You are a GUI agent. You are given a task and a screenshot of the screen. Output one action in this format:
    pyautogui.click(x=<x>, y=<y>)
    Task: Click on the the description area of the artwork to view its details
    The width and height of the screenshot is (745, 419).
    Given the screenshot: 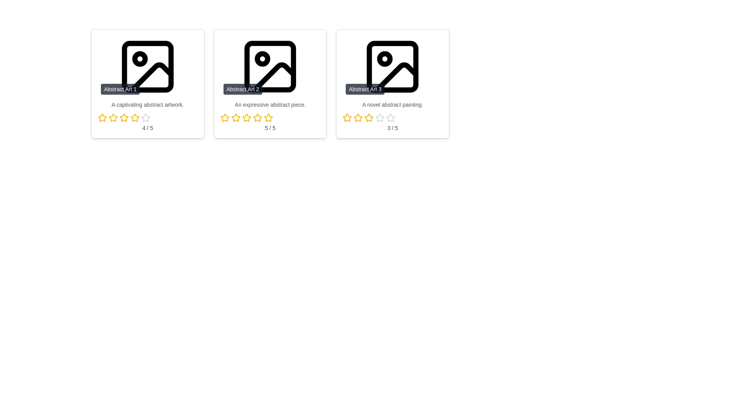 What is the action you would take?
    pyautogui.click(x=147, y=105)
    